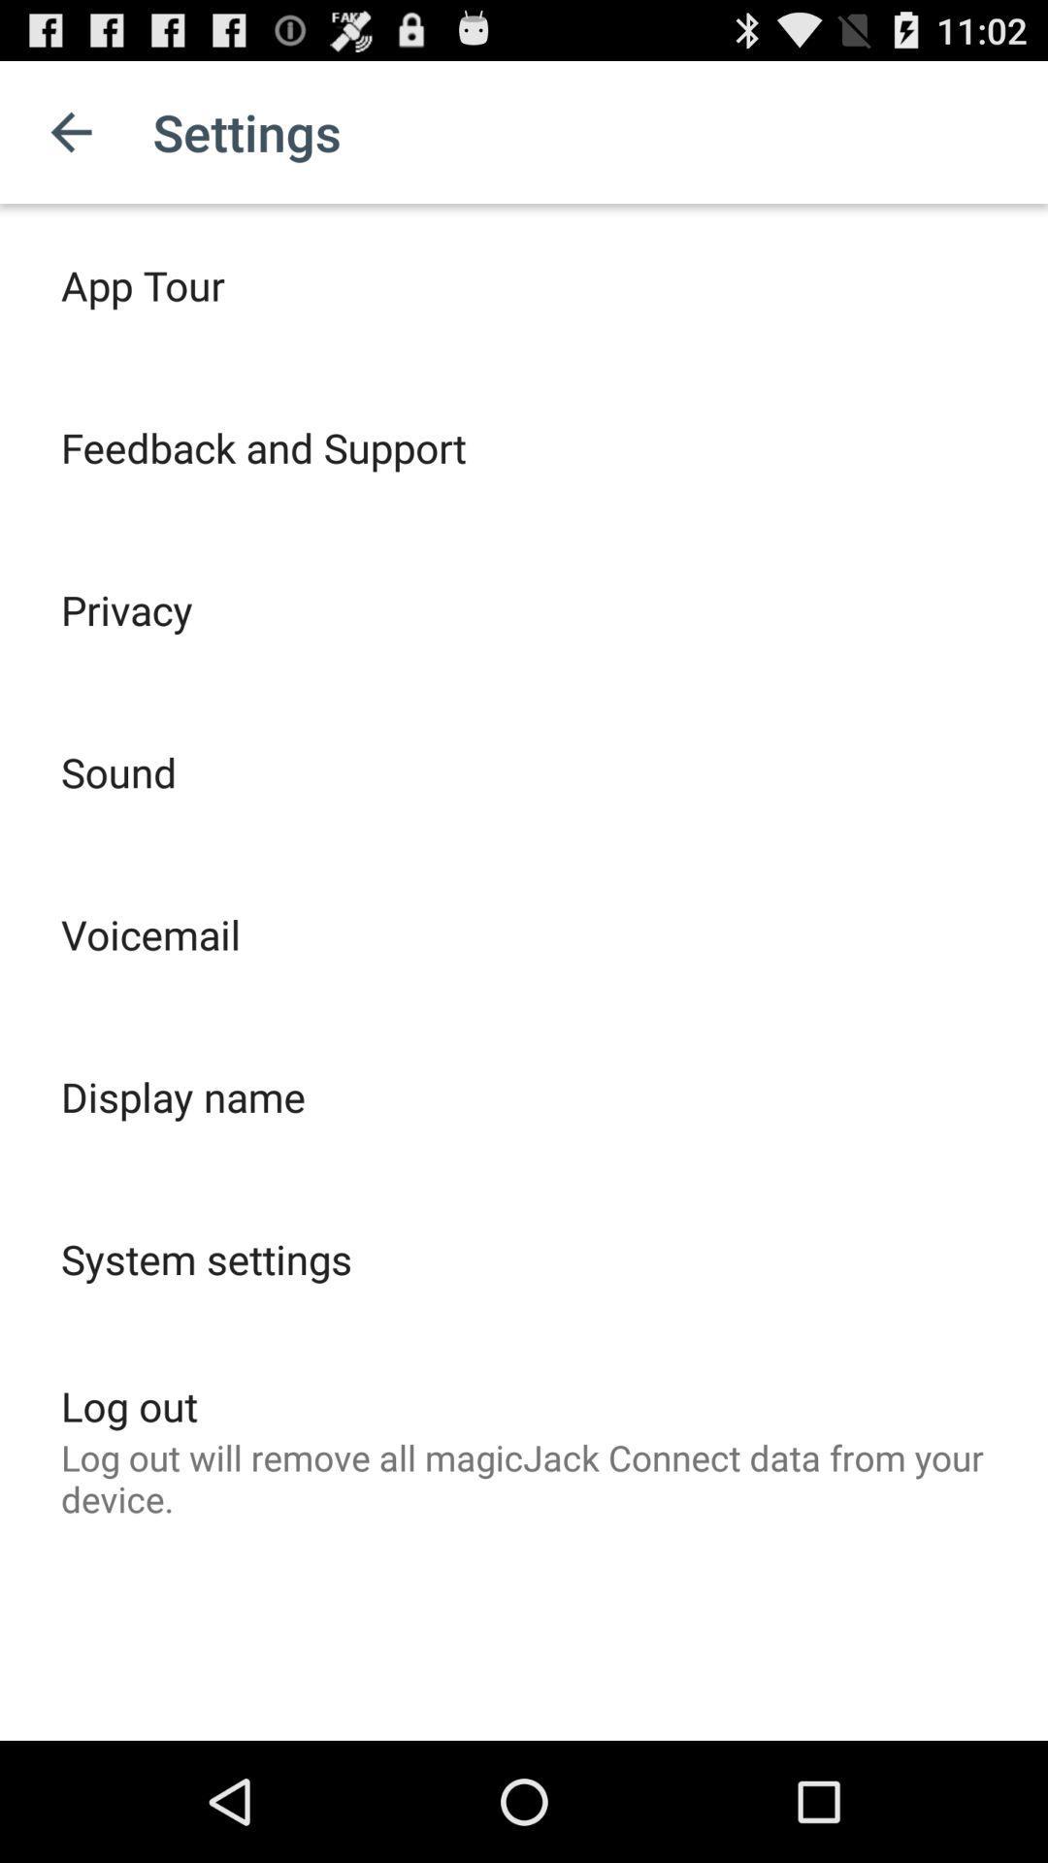  Describe the element at coordinates (126, 608) in the screenshot. I see `the item below the feedback and support icon` at that location.